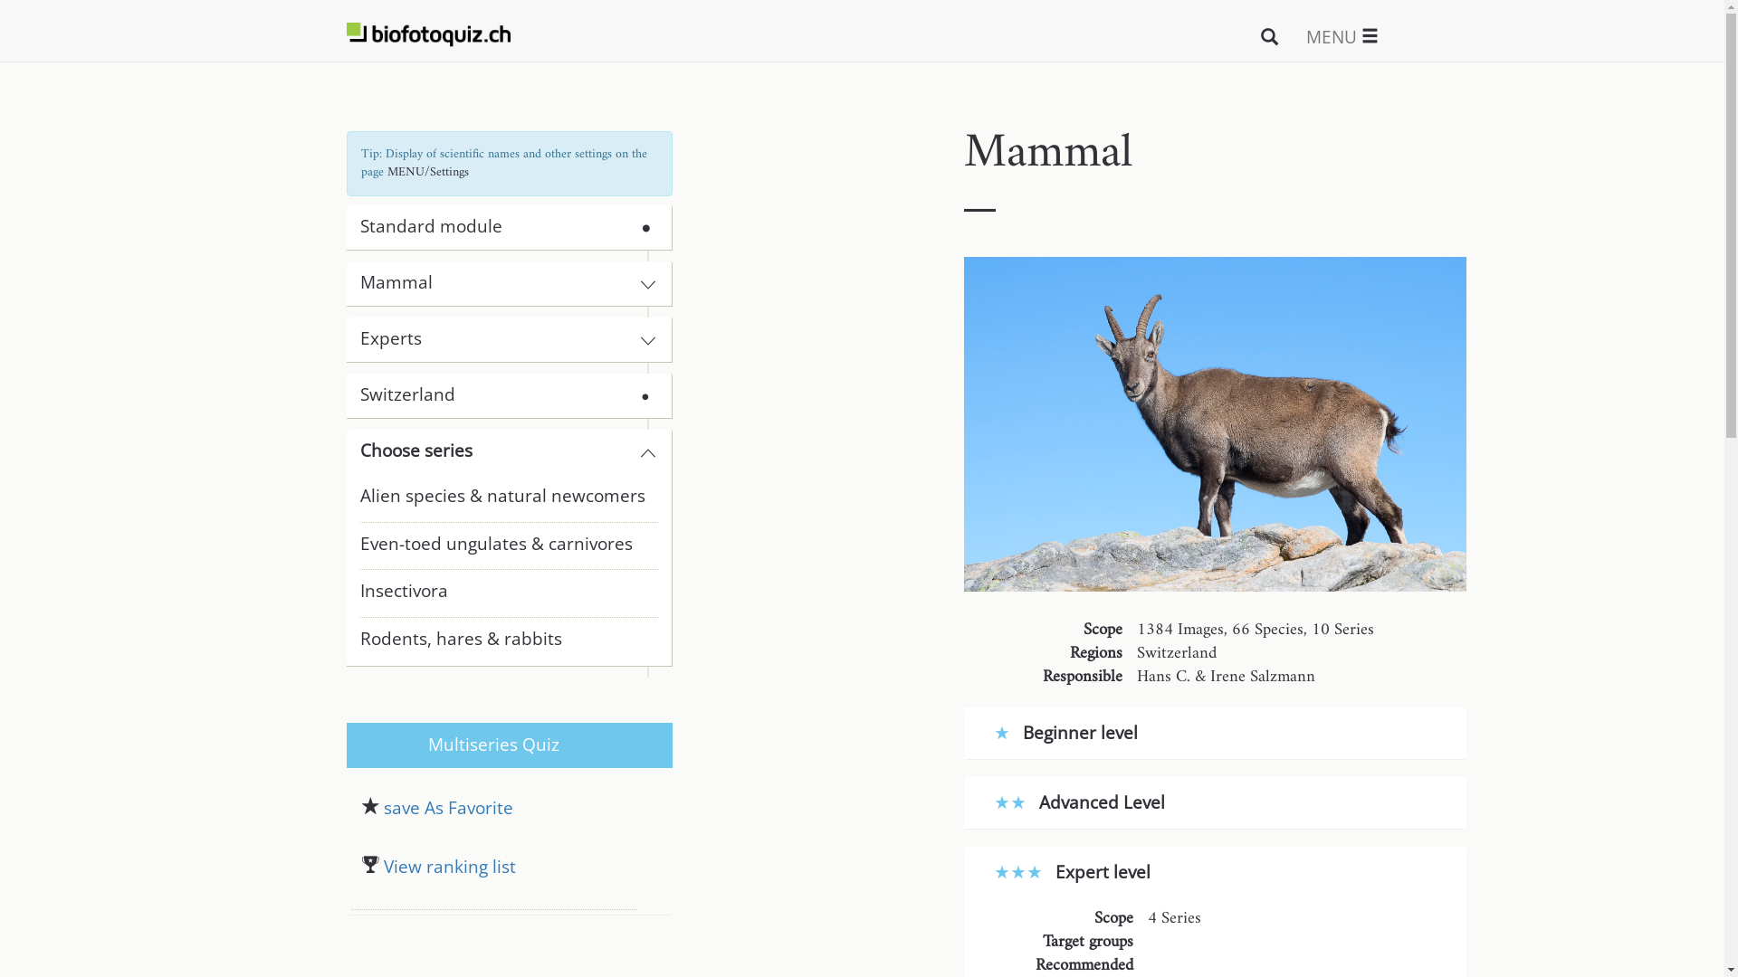  I want to click on 'Rodents, hares & rabbits', so click(508, 644).